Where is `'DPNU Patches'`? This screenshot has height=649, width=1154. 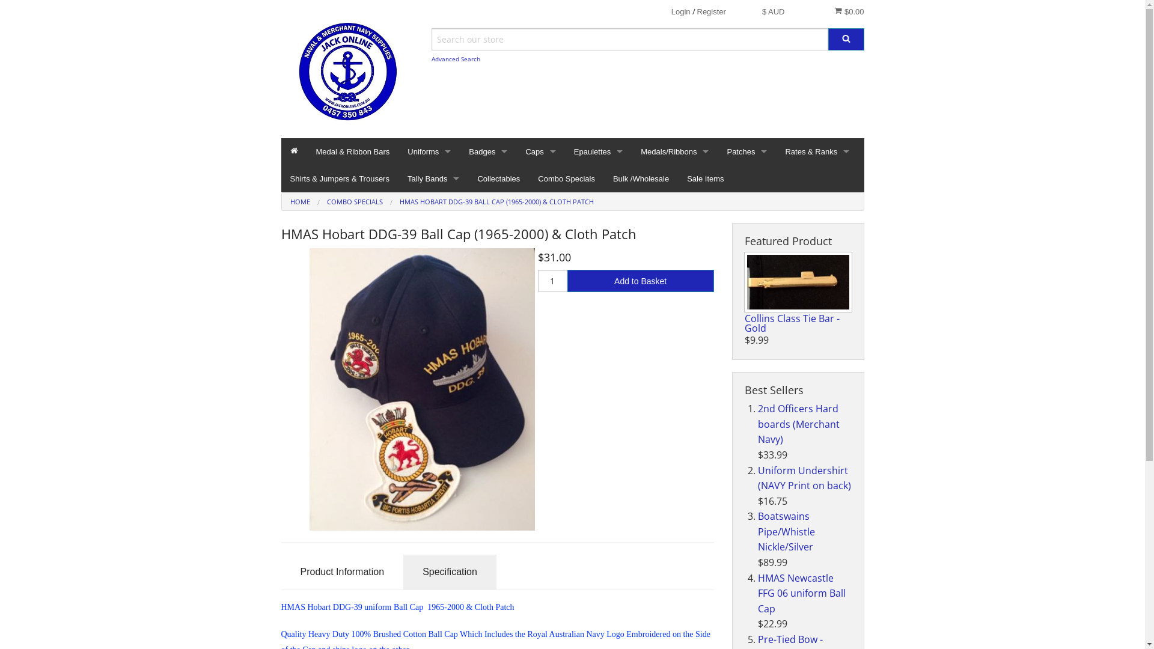
'DPNU Patches' is located at coordinates (746, 275).